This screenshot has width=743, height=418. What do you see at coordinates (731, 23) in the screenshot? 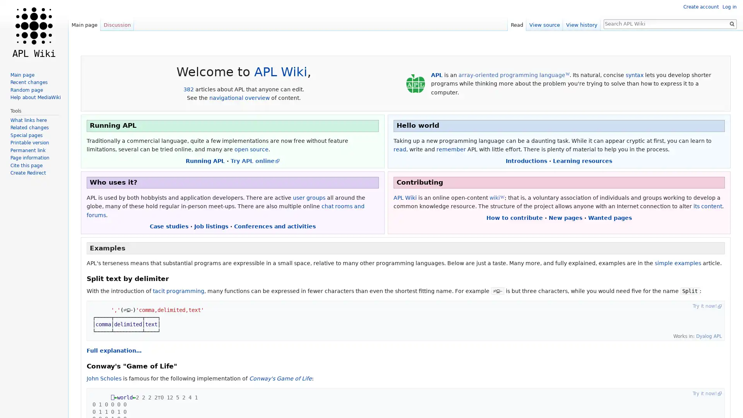
I see `Go` at bounding box center [731, 23].